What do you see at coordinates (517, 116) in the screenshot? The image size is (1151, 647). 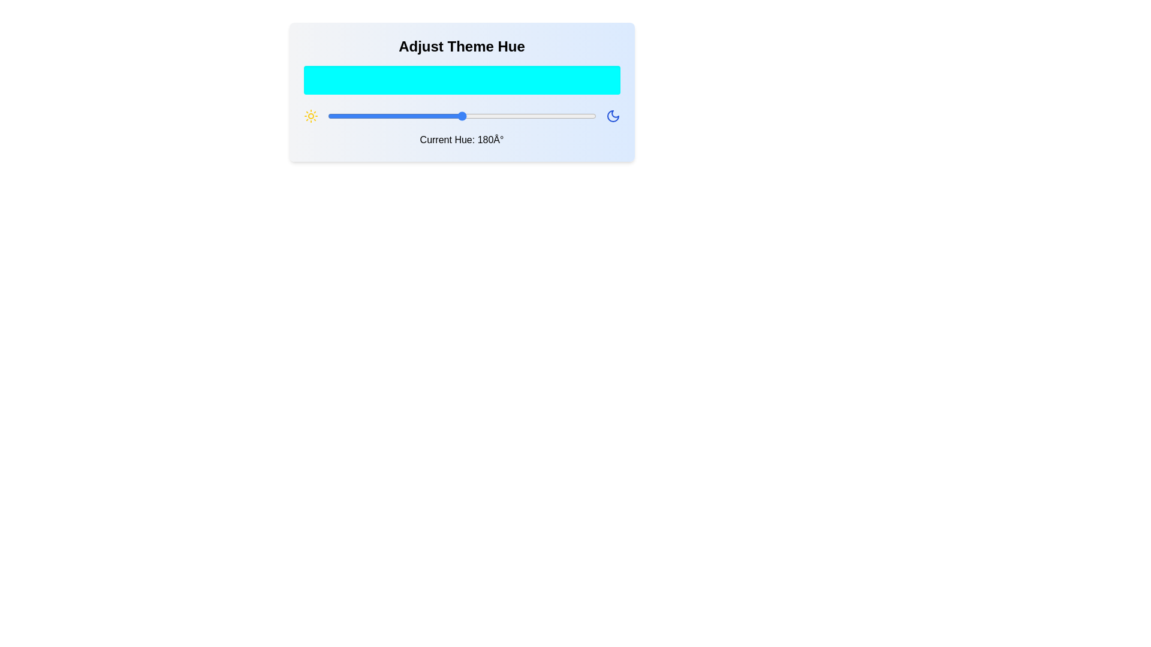 I see `the hue to 255 degrees by dragging the slider` at bounding box center [517, 116].